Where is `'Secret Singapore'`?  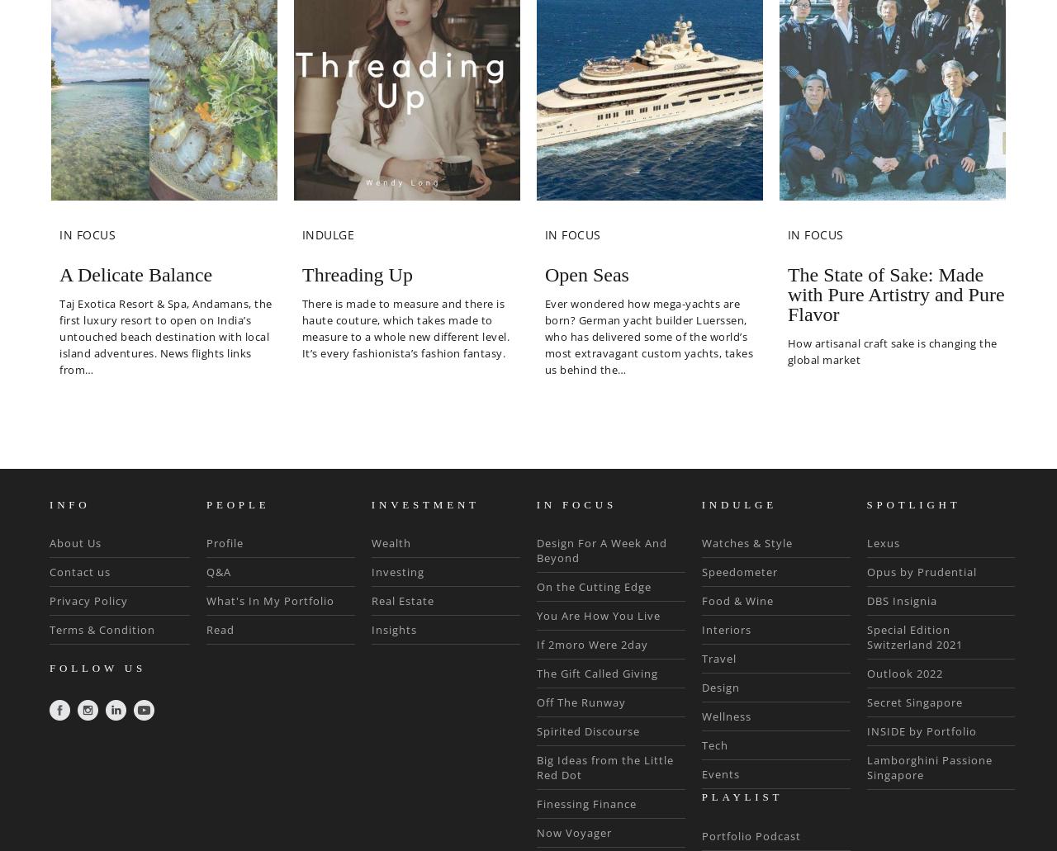
'Secret Singapore' is located at coordinates (865, 702).